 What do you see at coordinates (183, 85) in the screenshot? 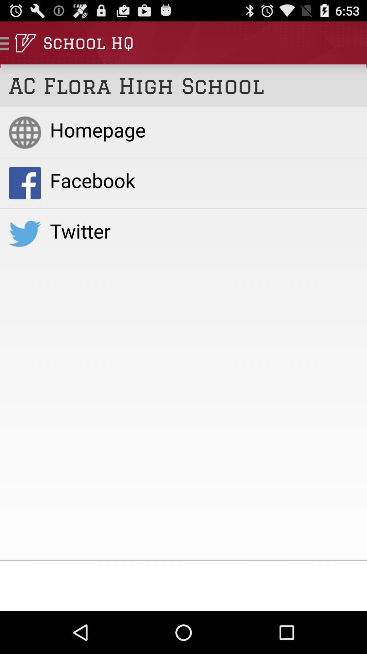
I see `the ac flora high icon` at bounding box center [183, 85].